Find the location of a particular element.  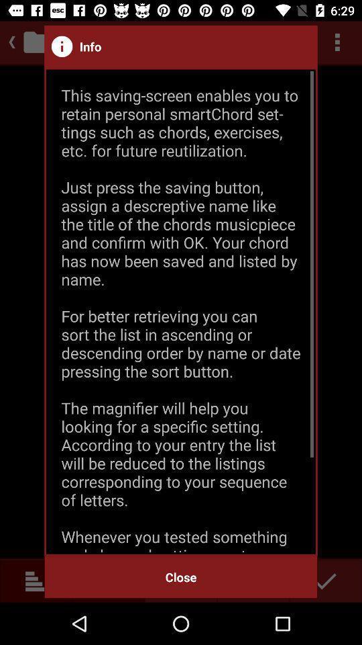

the item below the this saving screen is located at coordinates (181, 576).